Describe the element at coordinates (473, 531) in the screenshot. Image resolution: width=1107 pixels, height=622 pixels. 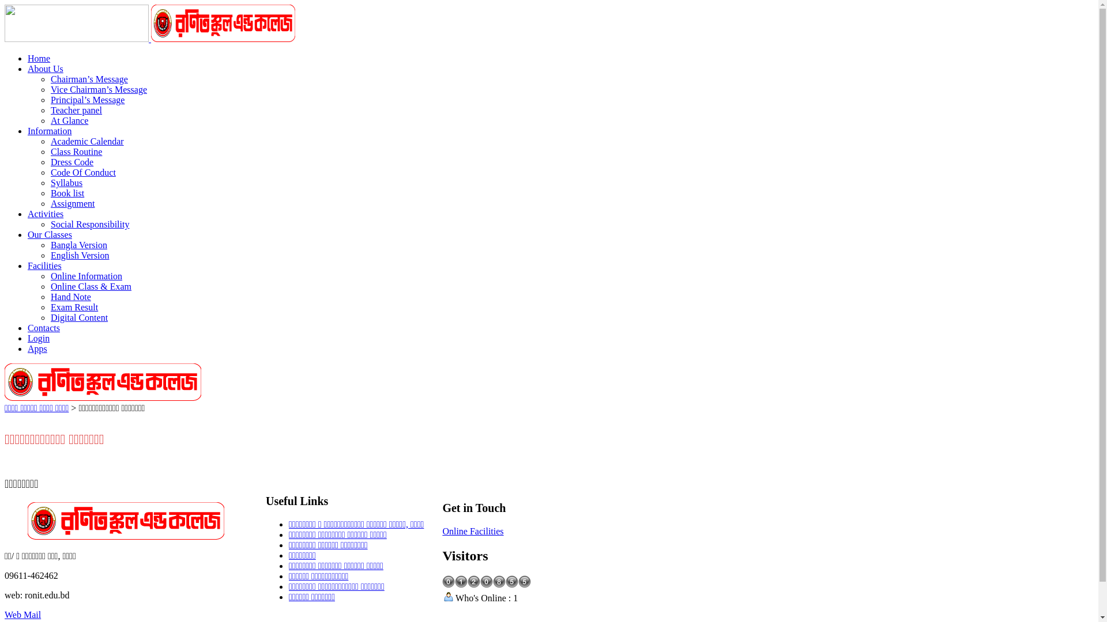
I see `'Online Facilities'` at that location.